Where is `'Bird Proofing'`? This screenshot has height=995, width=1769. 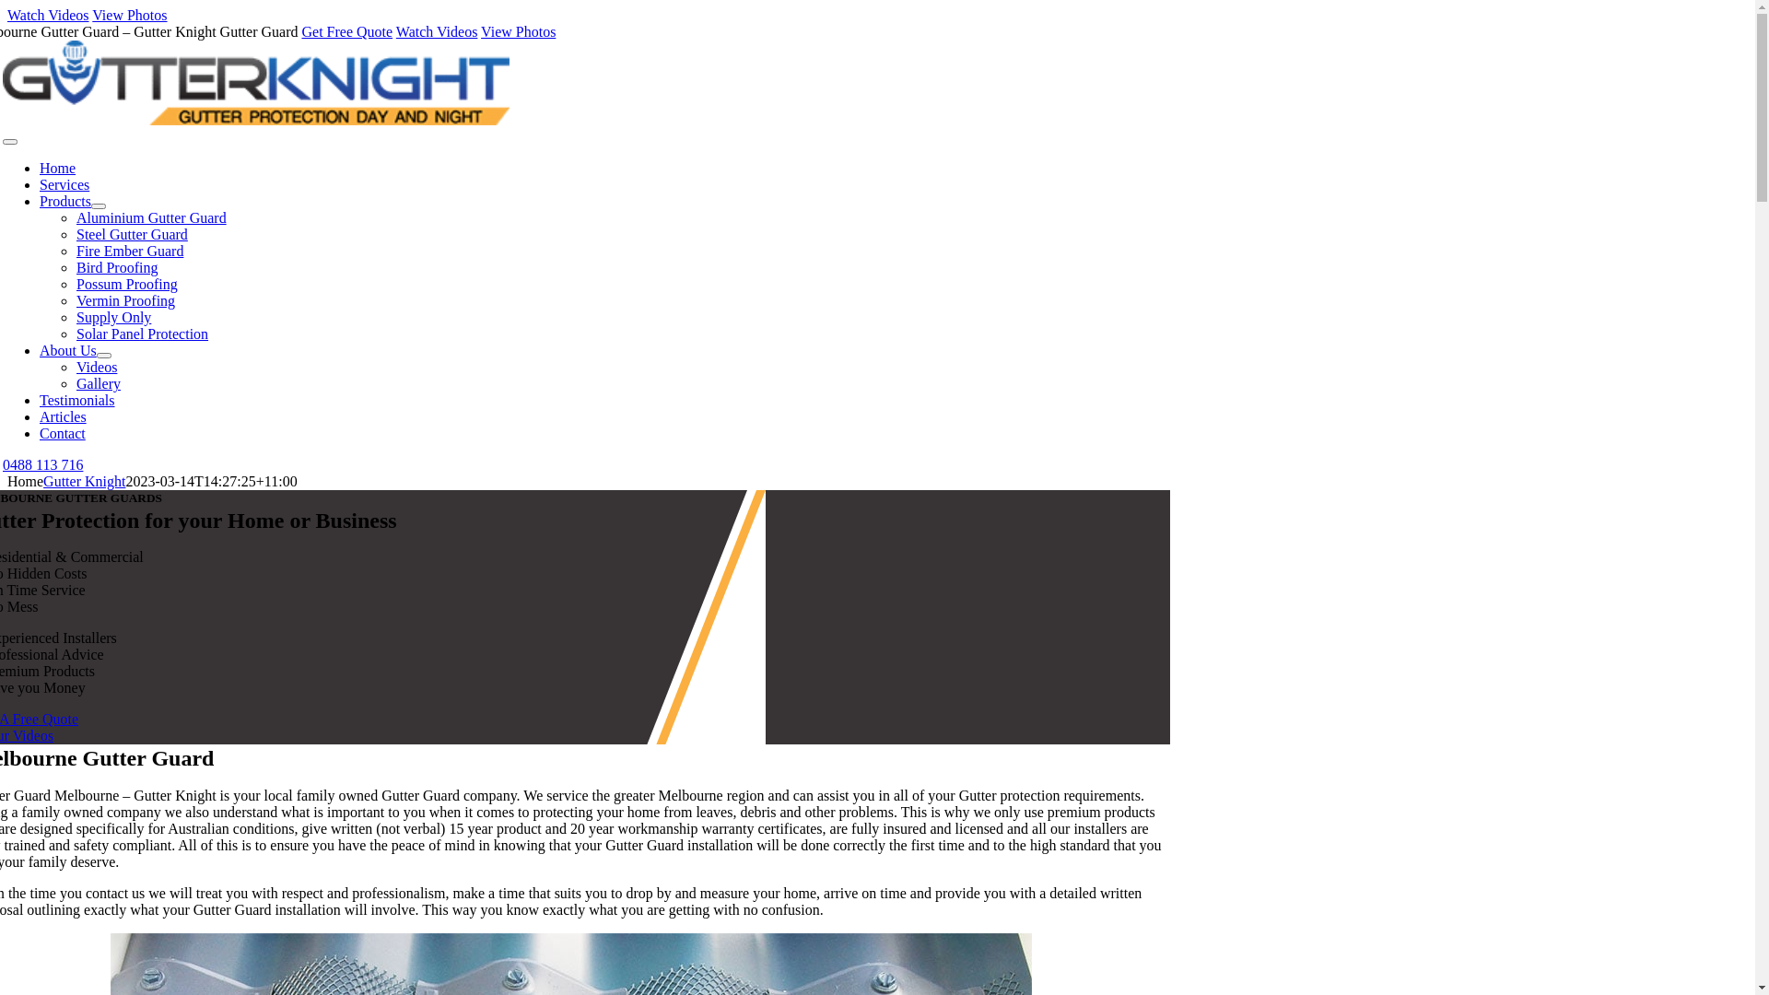 'Bird Proofing' is located at coordinates (115, 267).